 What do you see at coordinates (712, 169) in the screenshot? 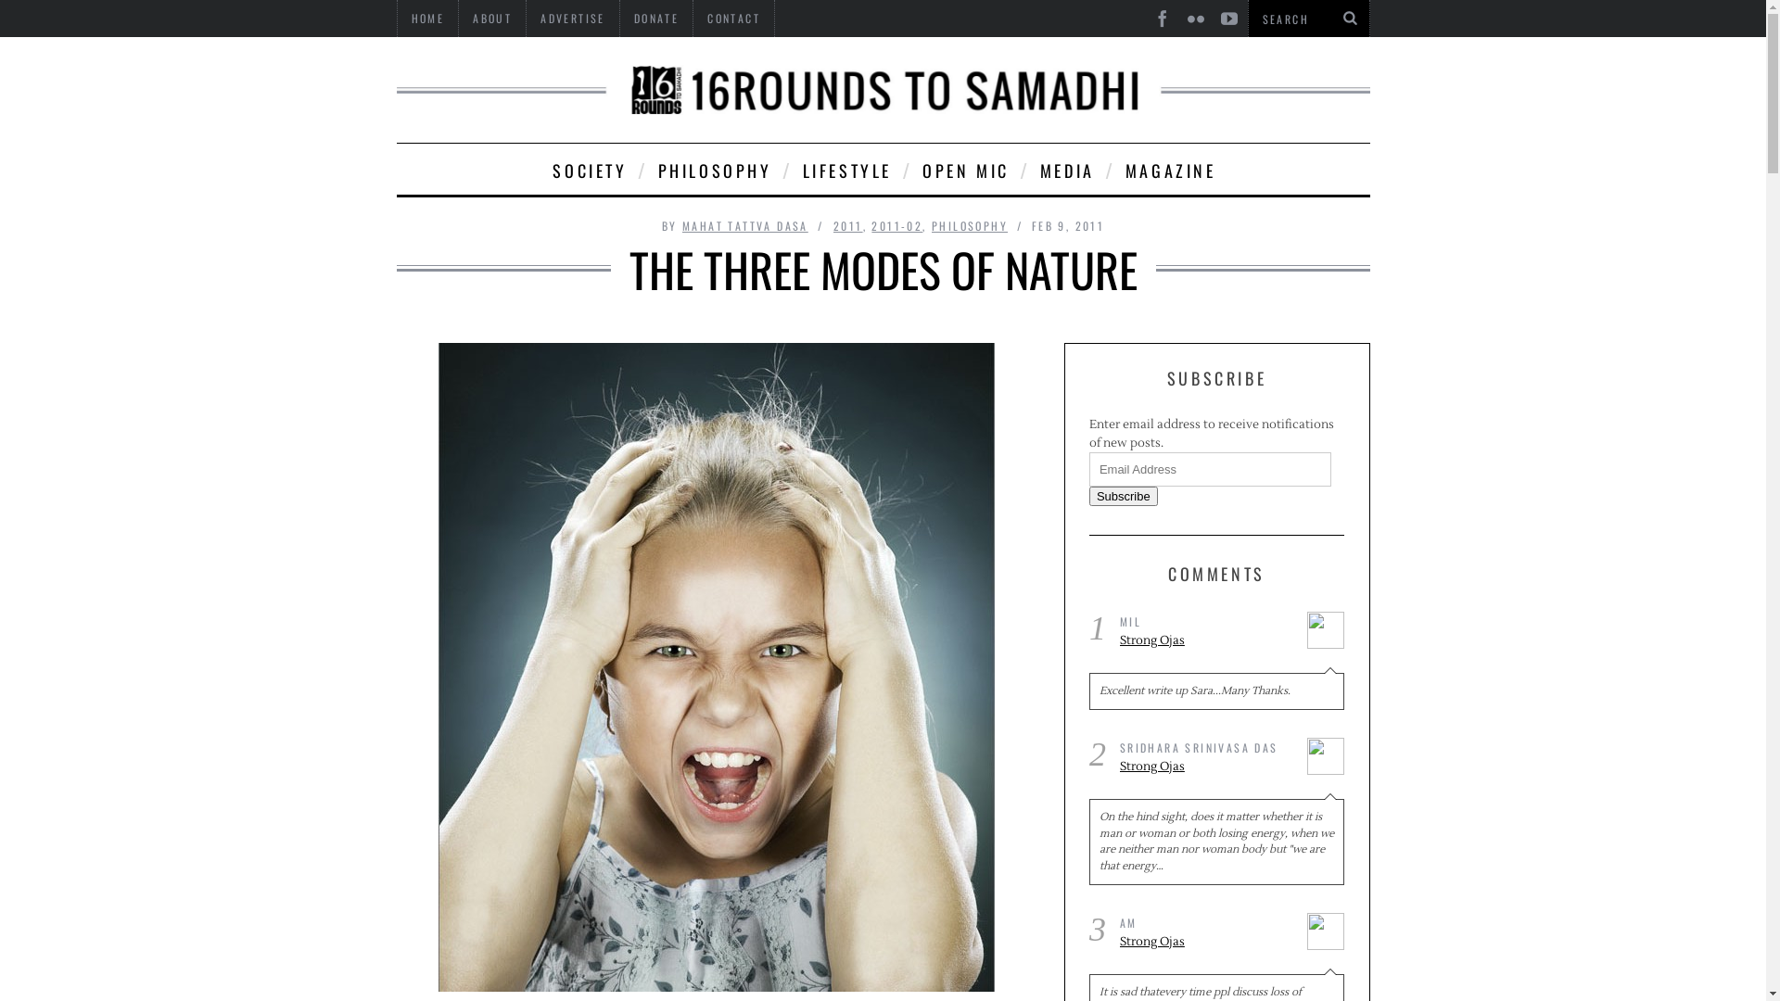
I see `'PHILOSOPHY'` at bounding box center [712, 169].